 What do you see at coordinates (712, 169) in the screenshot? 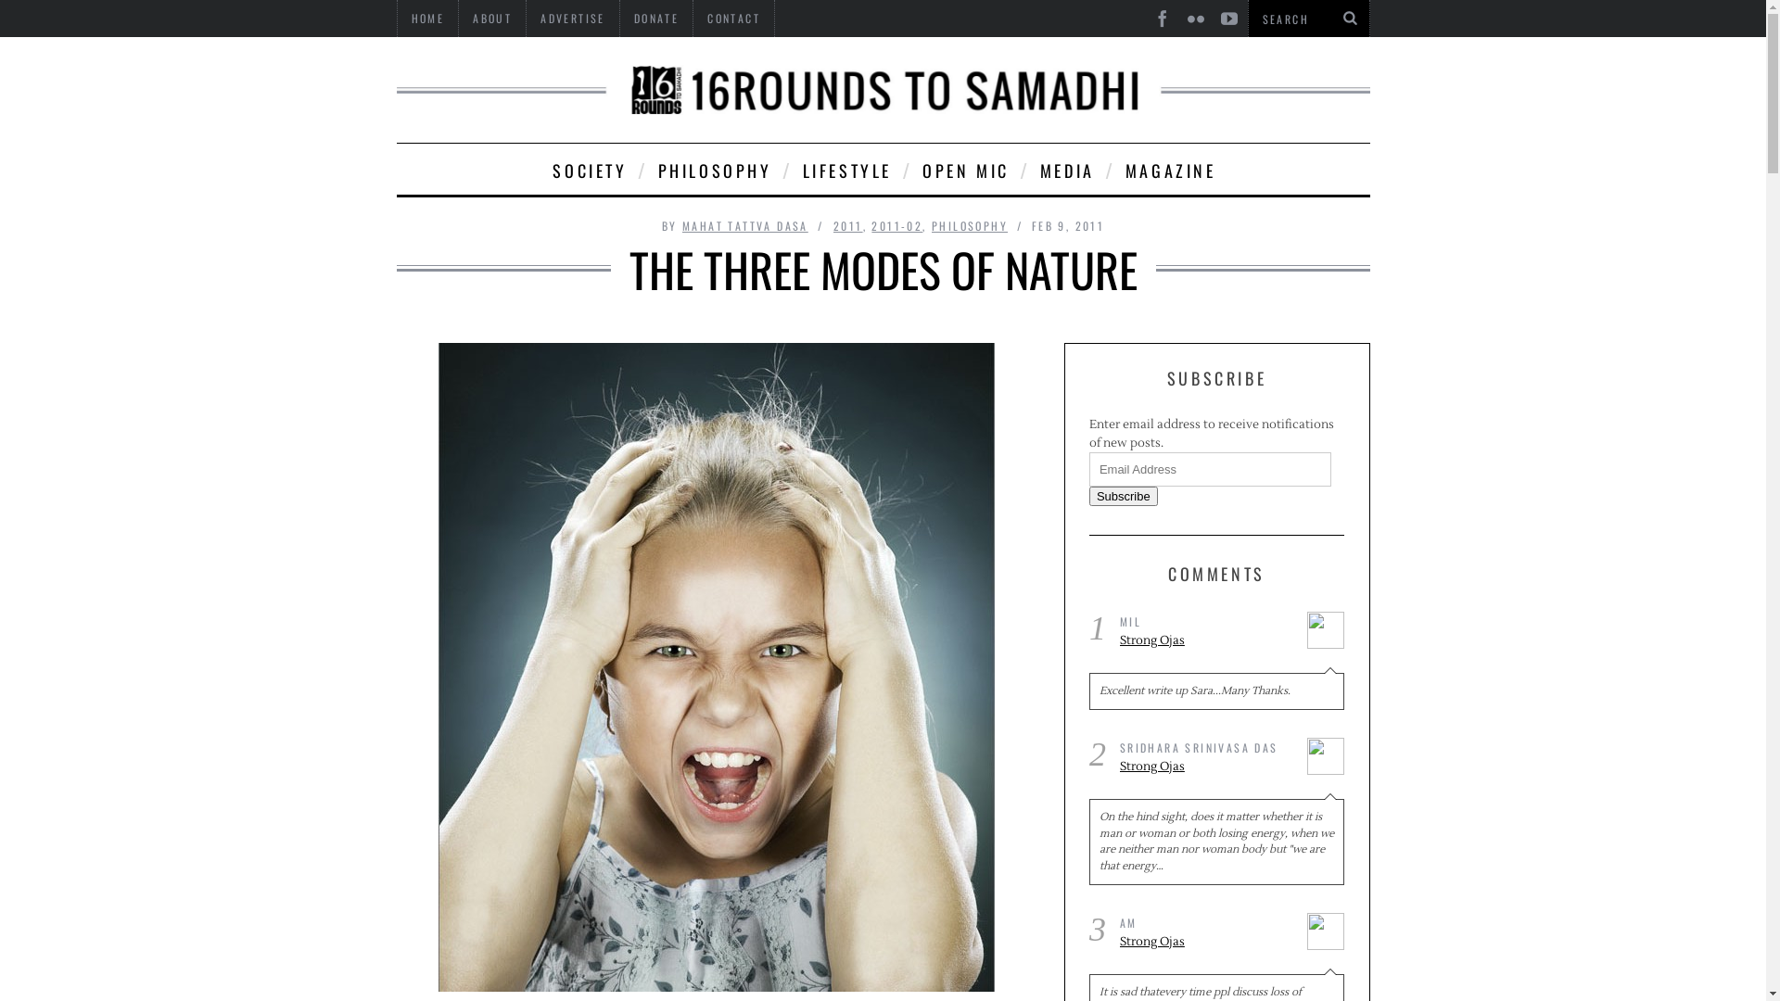
I see `'PHILOSOPHY'` at bounding box center [712, 169].